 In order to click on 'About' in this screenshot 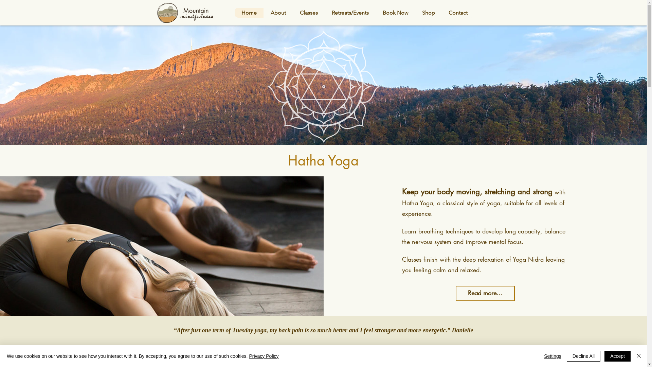, I will do `click(263, 13)`.